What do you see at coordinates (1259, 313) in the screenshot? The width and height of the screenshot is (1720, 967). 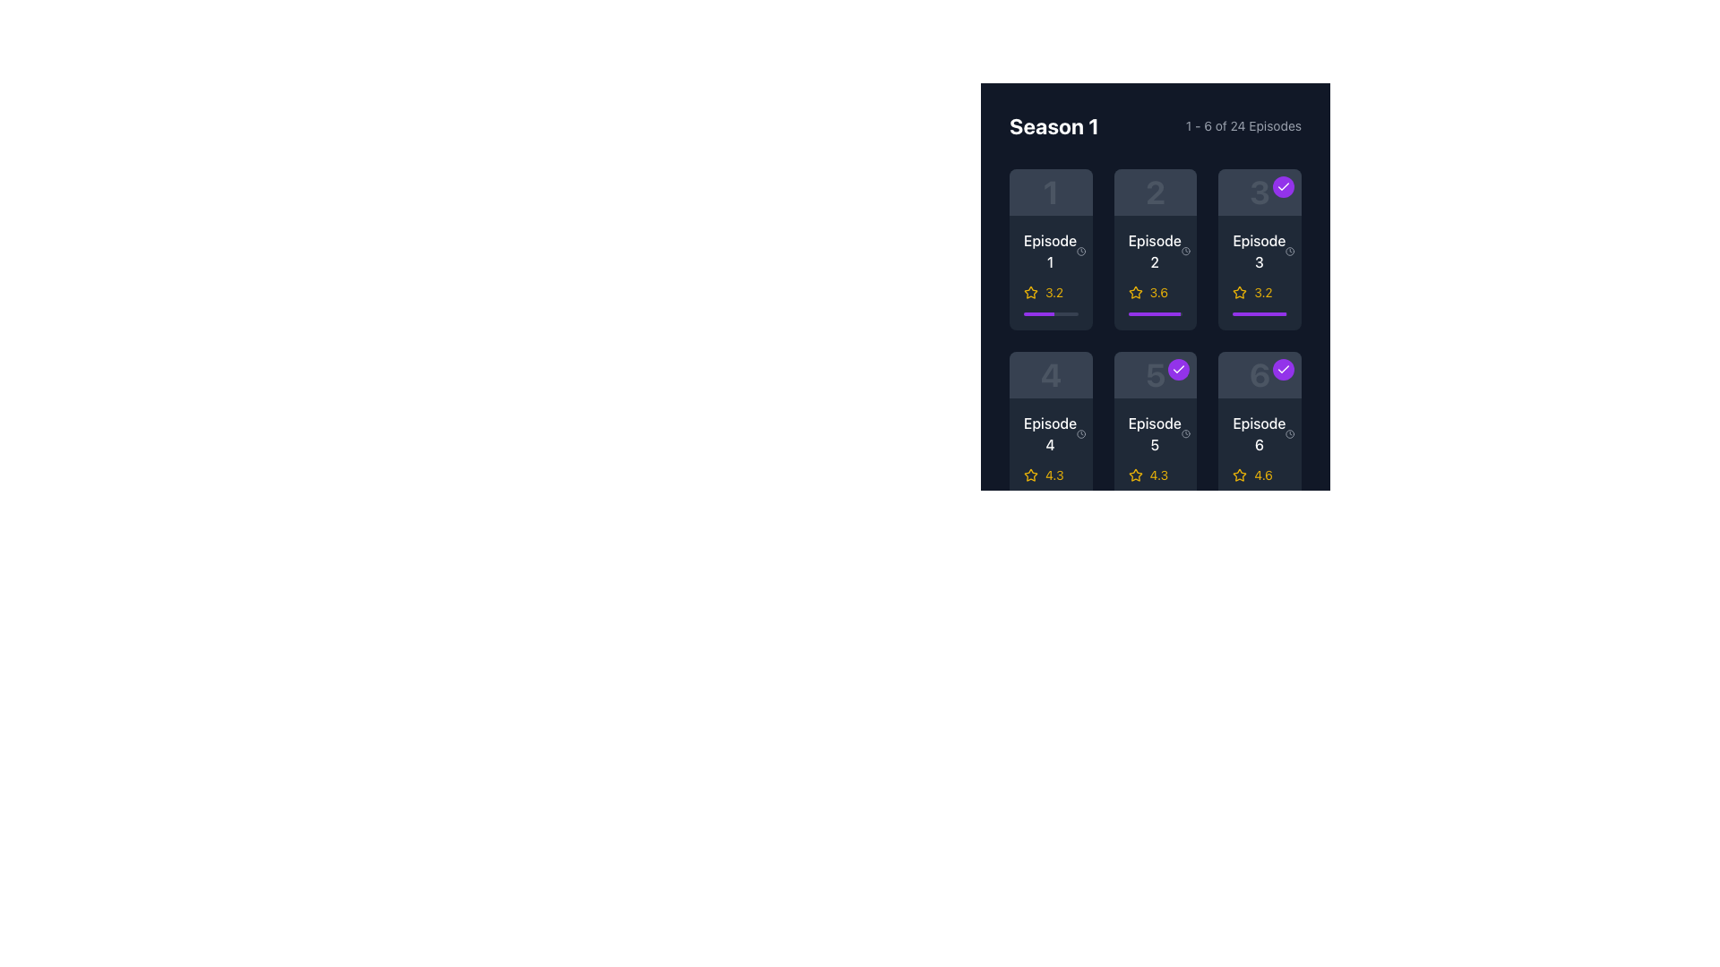 I see `the purple progress bar located near the bottom of the 'Episode 3' card in the series display grid, contained within a dark gray area` at bounding box center [1259, 313].